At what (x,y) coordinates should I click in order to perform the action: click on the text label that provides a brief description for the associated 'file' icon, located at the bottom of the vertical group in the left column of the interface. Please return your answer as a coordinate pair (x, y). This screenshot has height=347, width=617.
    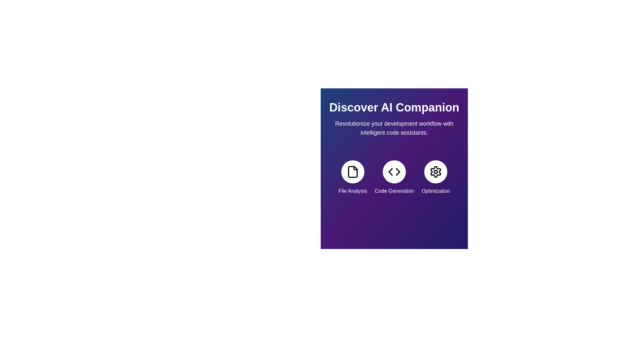
    Looking at the image, I should click on (352, 191).